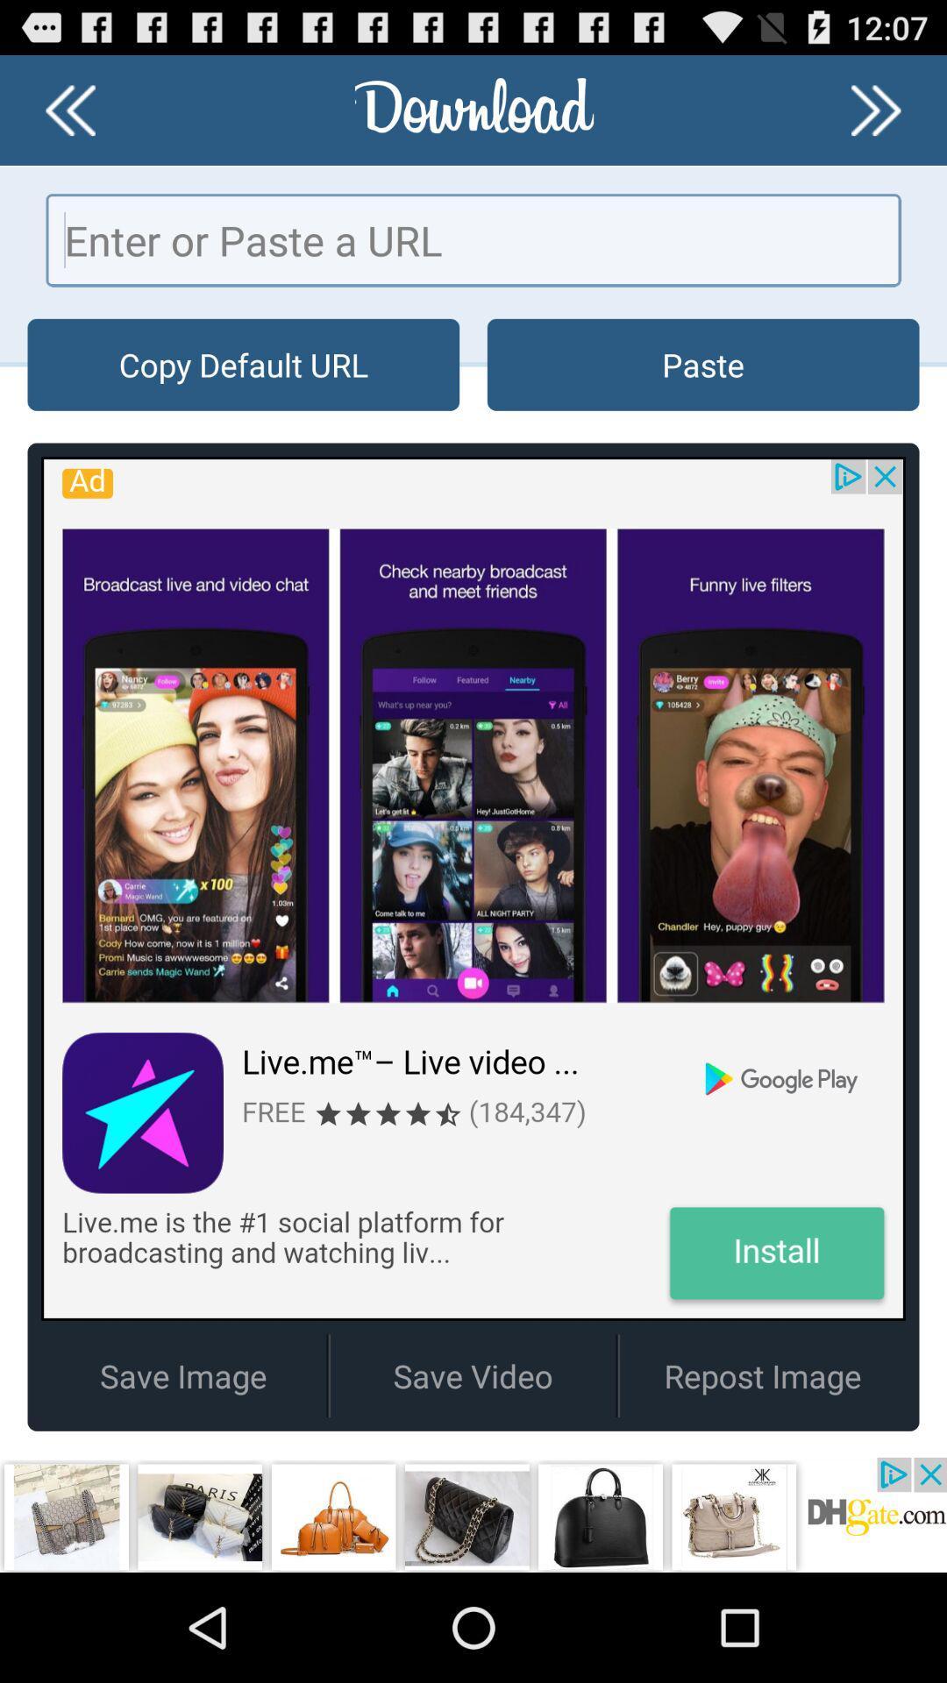 The image size is (947, 1683). Describe the element at coordinates (473, 239) in the screenshot. I see `search box` at that location.